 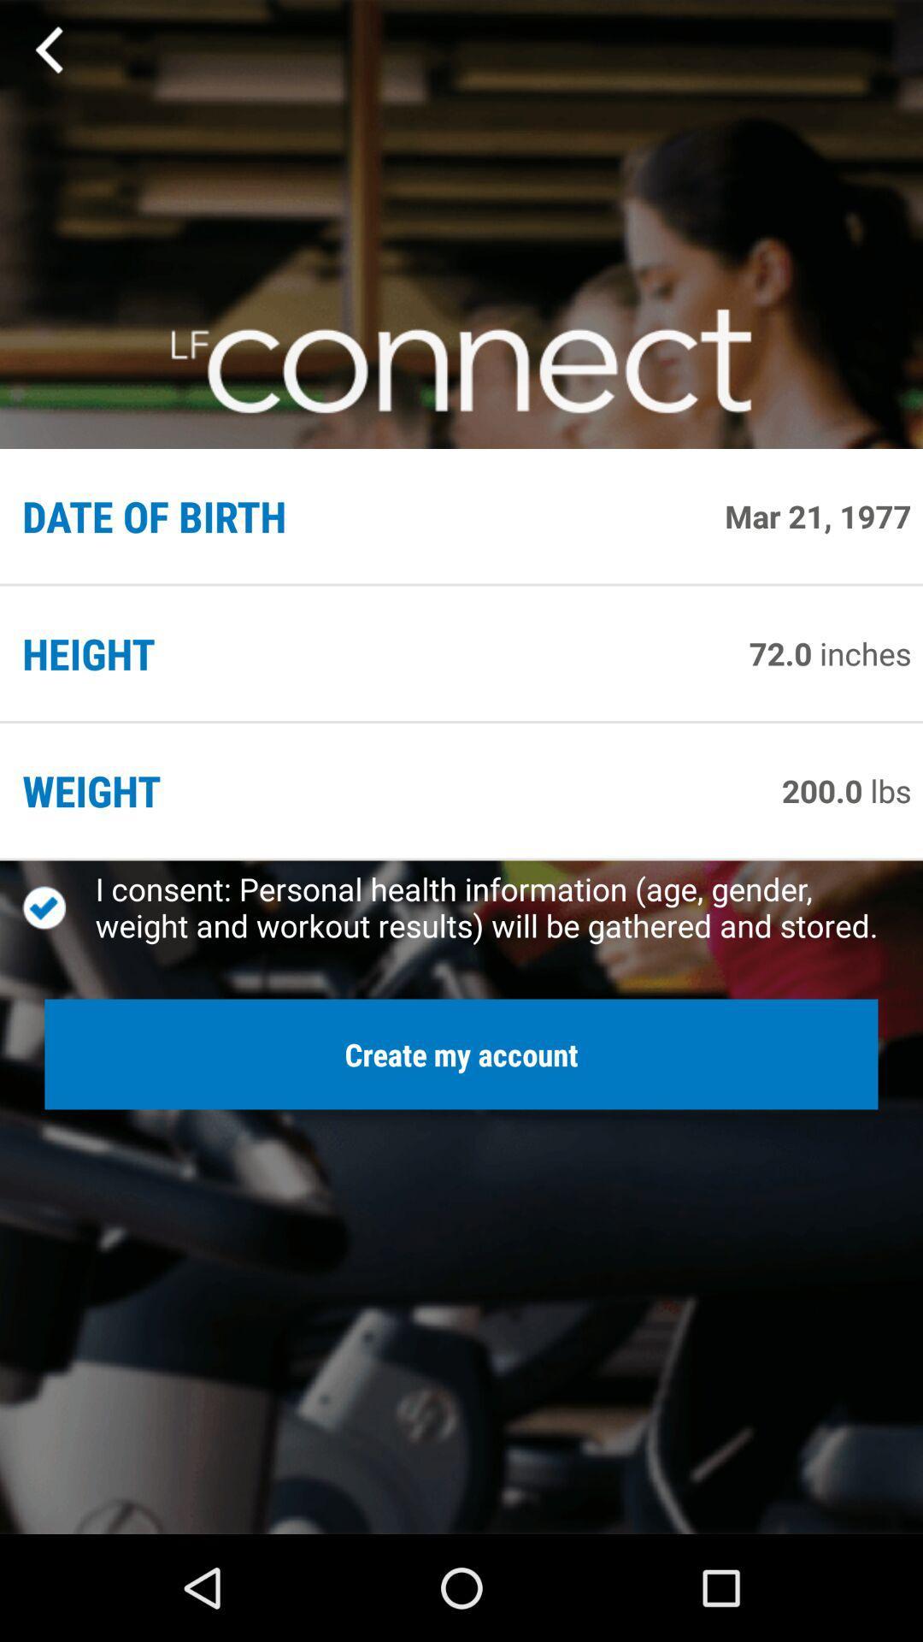 What do you see at coordinates (58, 907) in the screenshot?
I see `check box to consent to data collection` at bounding box center [58, 907].